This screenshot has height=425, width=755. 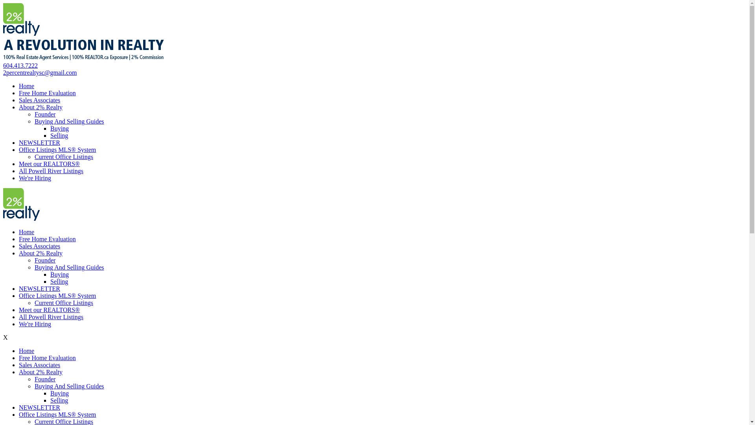 What do you see at coordinates (35, 178) in the screenshot?
I see `'We're Hiring'` at bounding box center [35, 178].